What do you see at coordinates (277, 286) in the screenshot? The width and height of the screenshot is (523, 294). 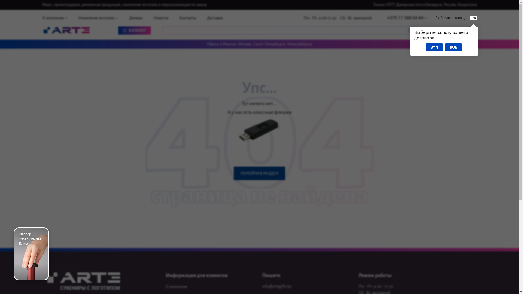 I see `'info@artegifts.by'` at bounding box center [277, 286].